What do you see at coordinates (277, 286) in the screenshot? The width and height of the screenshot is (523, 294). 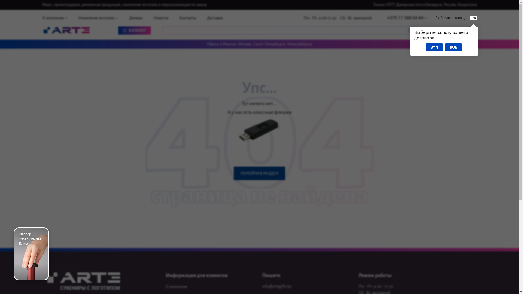 I see `'info@artegifts.by'` at bounding box center [277, 286].